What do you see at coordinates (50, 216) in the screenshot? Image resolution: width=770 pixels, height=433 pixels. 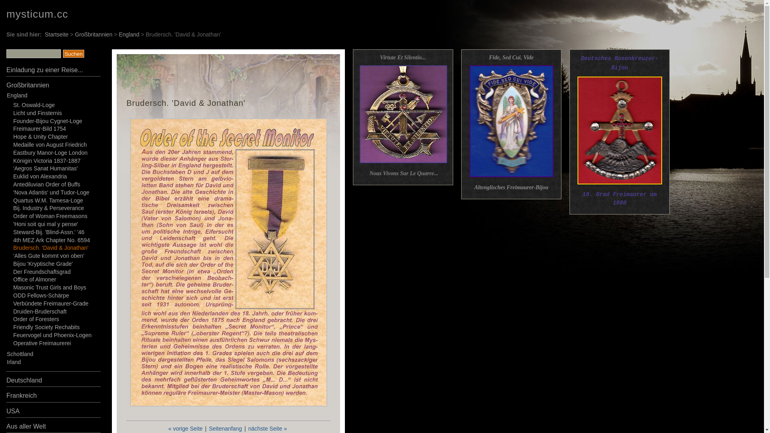 I see `'Order of Woman Freemasons'` at bounding box center [50, 216].